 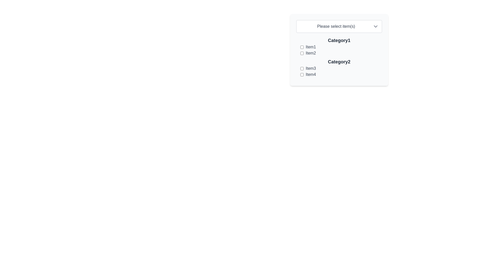 What do you see at coordinates (311, 53) in the screenshot?
I see `text content of the label reading 'Item2', which is styled in gray color and located in the second row of a selectable list within 'Category1', adjacent to a checkbox` at bounding box center [311, 53].